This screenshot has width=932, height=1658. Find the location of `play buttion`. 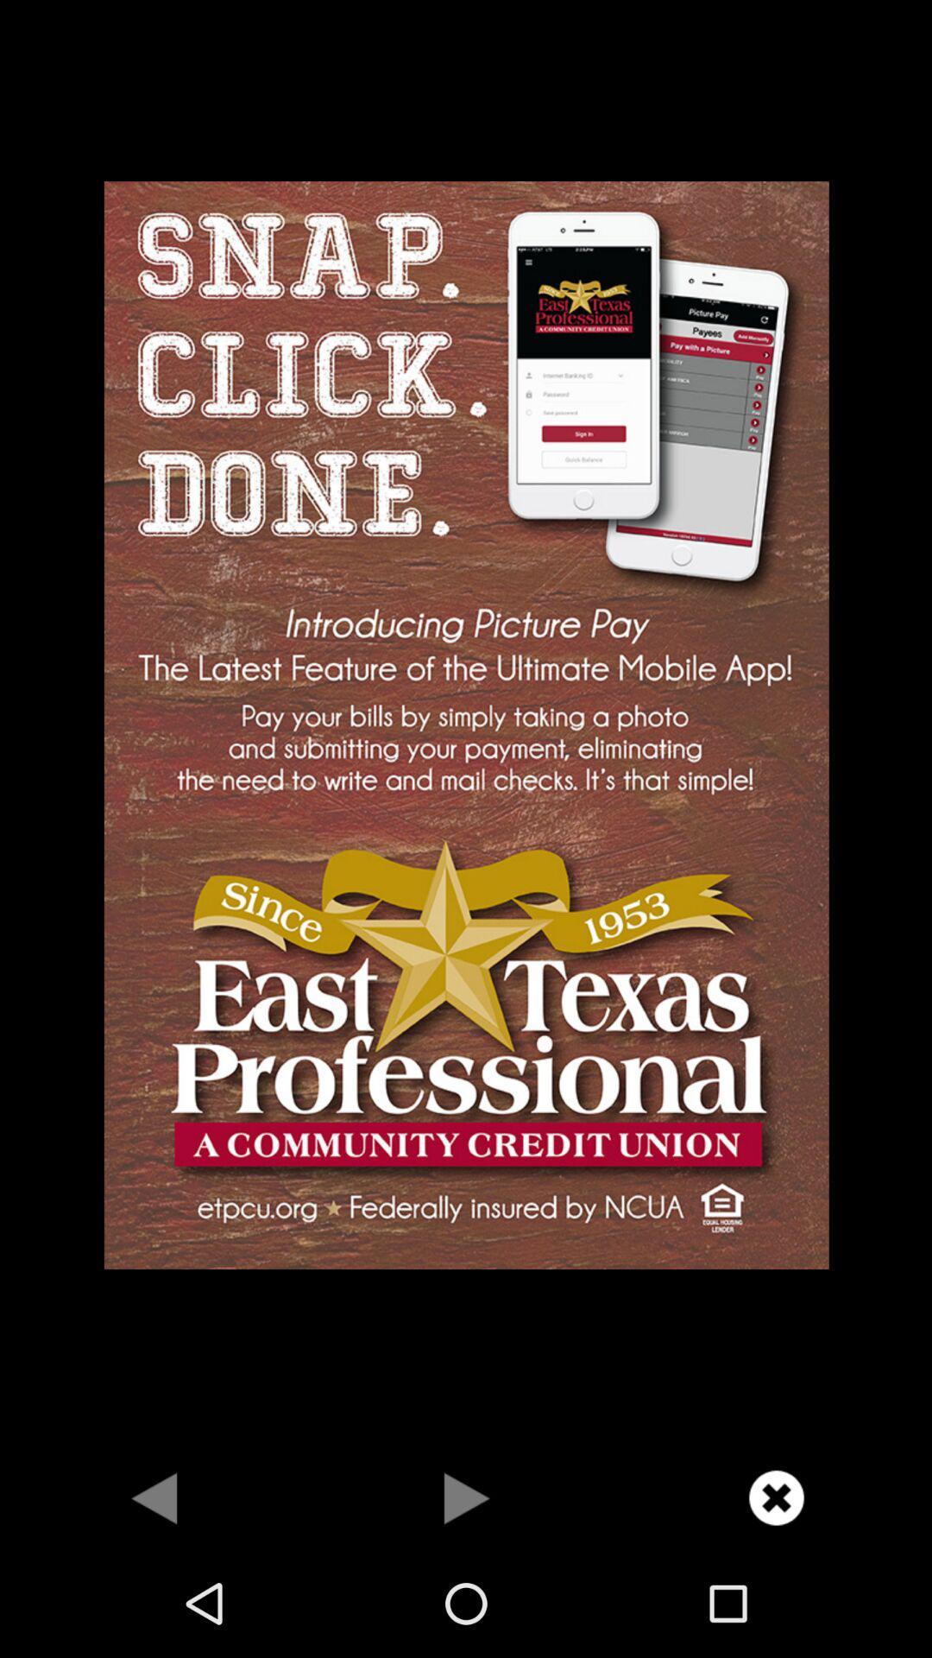

play buttion is located at coordinates (466, 1497).